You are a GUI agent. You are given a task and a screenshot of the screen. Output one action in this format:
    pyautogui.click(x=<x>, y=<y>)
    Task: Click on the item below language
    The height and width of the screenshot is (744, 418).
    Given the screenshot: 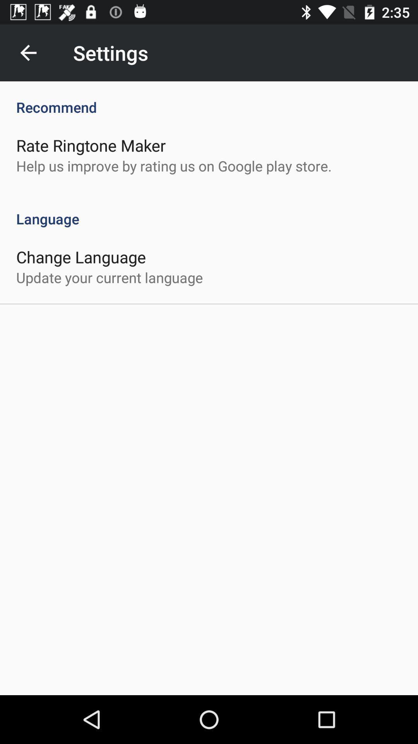 What is the action you would take?
    pyautogui.click(x=81, y=257)
    